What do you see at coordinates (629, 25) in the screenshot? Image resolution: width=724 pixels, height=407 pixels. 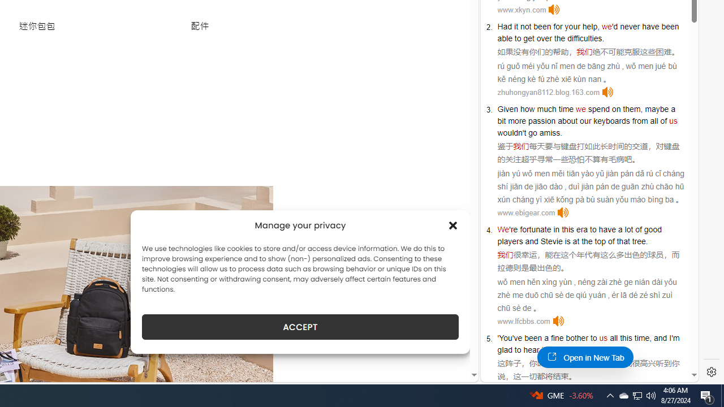 I see `'never'` at bounding box center [629, 25].